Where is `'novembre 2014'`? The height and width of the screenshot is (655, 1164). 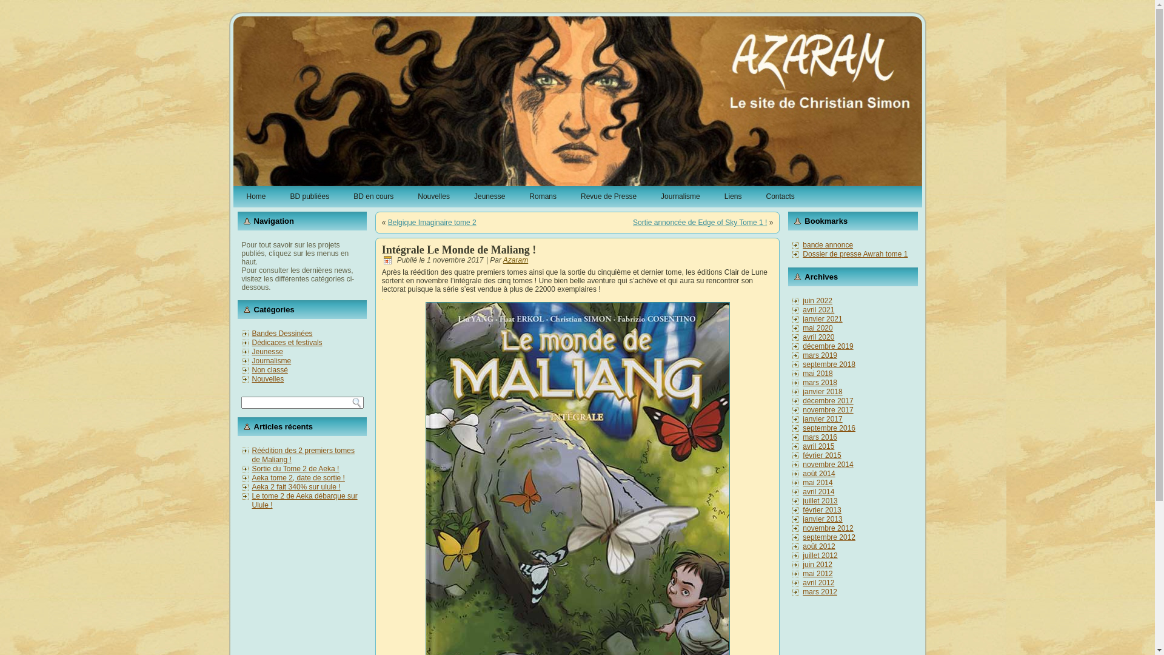
'novembre 2014' is located at coordinates (827, 464).